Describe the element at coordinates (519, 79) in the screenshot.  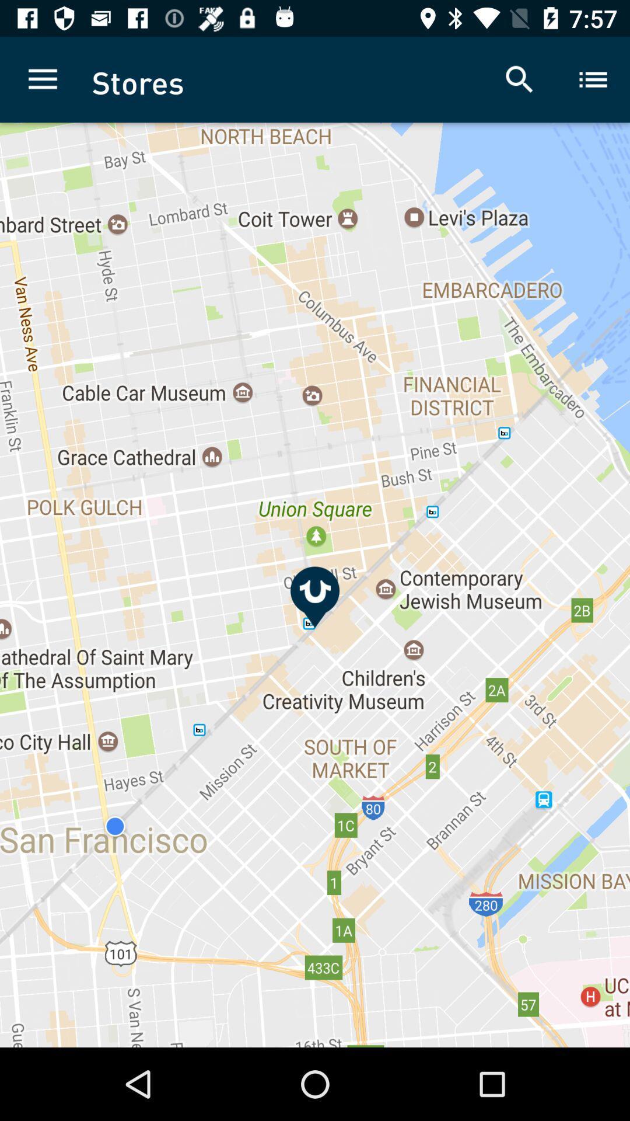
I see `the app to the right of stores item` at that location.